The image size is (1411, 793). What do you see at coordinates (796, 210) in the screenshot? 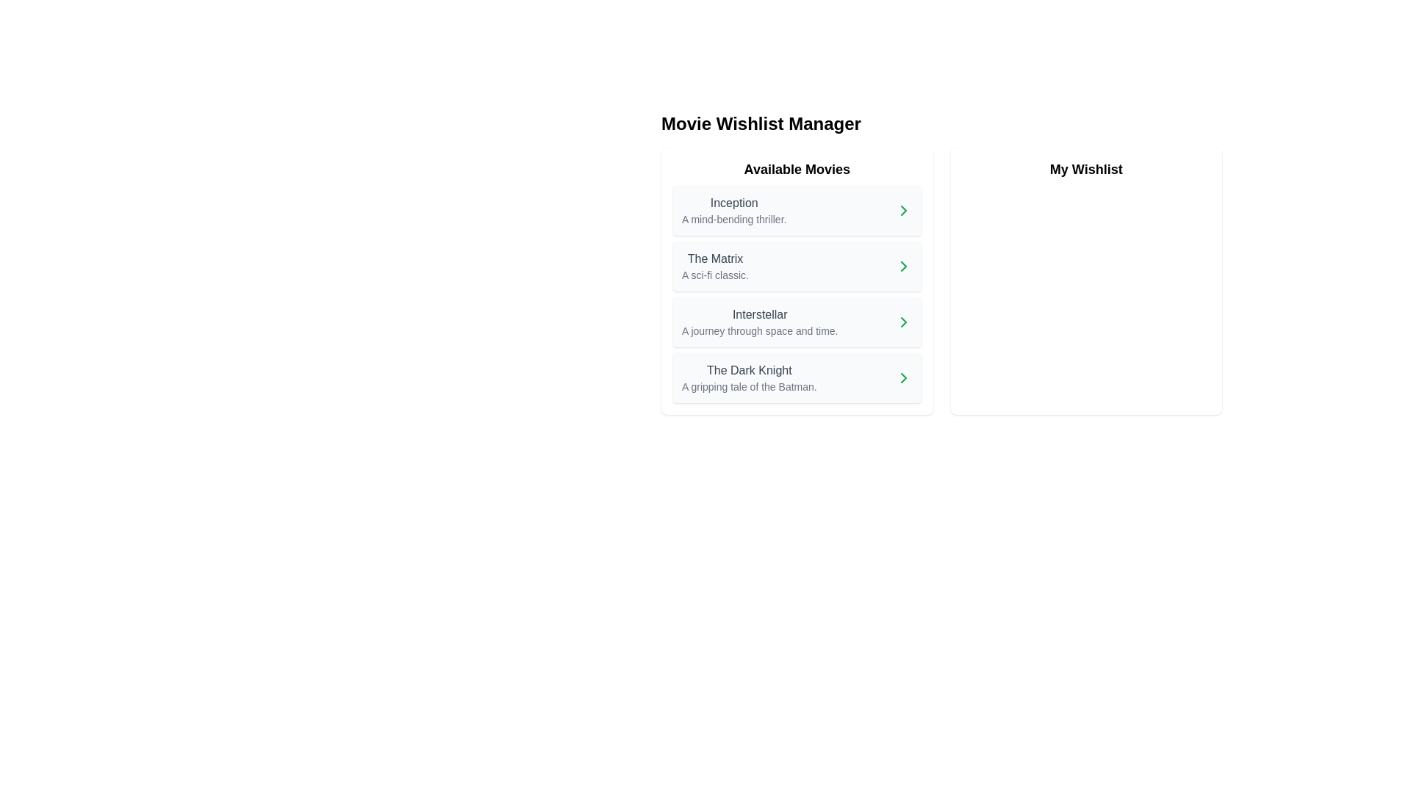
I see `the bold title 'Inception' in the first list item of the 'Available Movies' section` at bounding box center [796, 210].